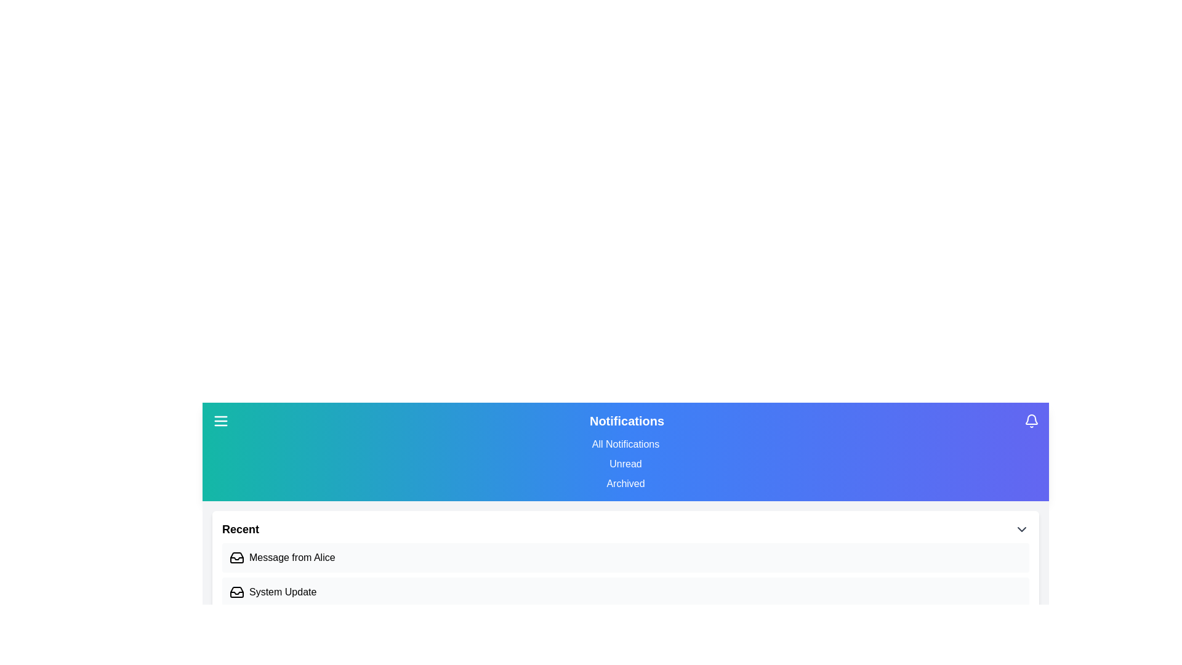 The height and width of the screenshot is (665, 1182). What do you see at coordinates (1022, 529) in the screenshot?
I see `the ChevronDown button to toggle the submenu visibility` at bounding box center [1022, 529].